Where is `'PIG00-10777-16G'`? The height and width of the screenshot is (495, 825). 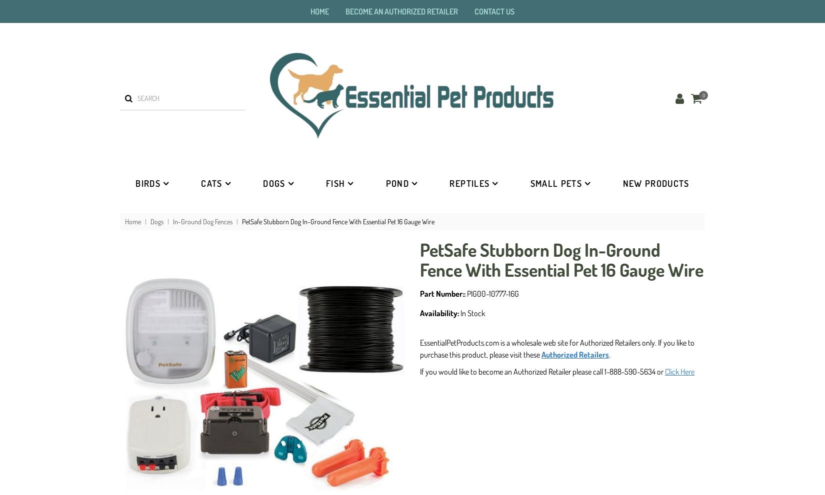 'PIG00-10777-16G' is located at coordinates (493, 292).